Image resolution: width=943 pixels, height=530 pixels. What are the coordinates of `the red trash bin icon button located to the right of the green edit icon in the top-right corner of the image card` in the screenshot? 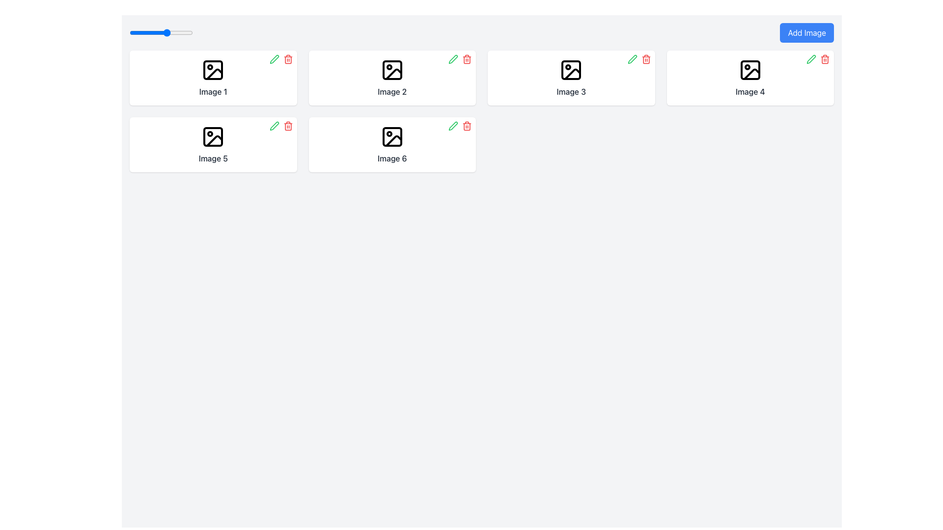 It's located at (287, 59).